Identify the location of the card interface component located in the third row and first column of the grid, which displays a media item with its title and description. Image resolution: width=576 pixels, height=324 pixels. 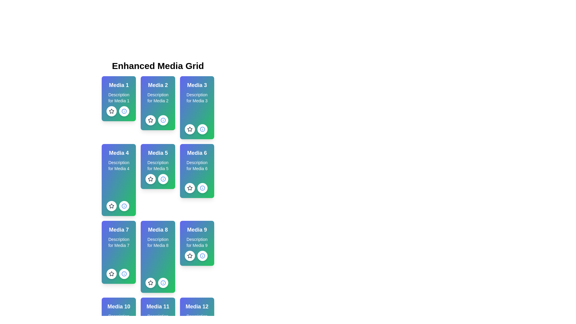
(119, 252).